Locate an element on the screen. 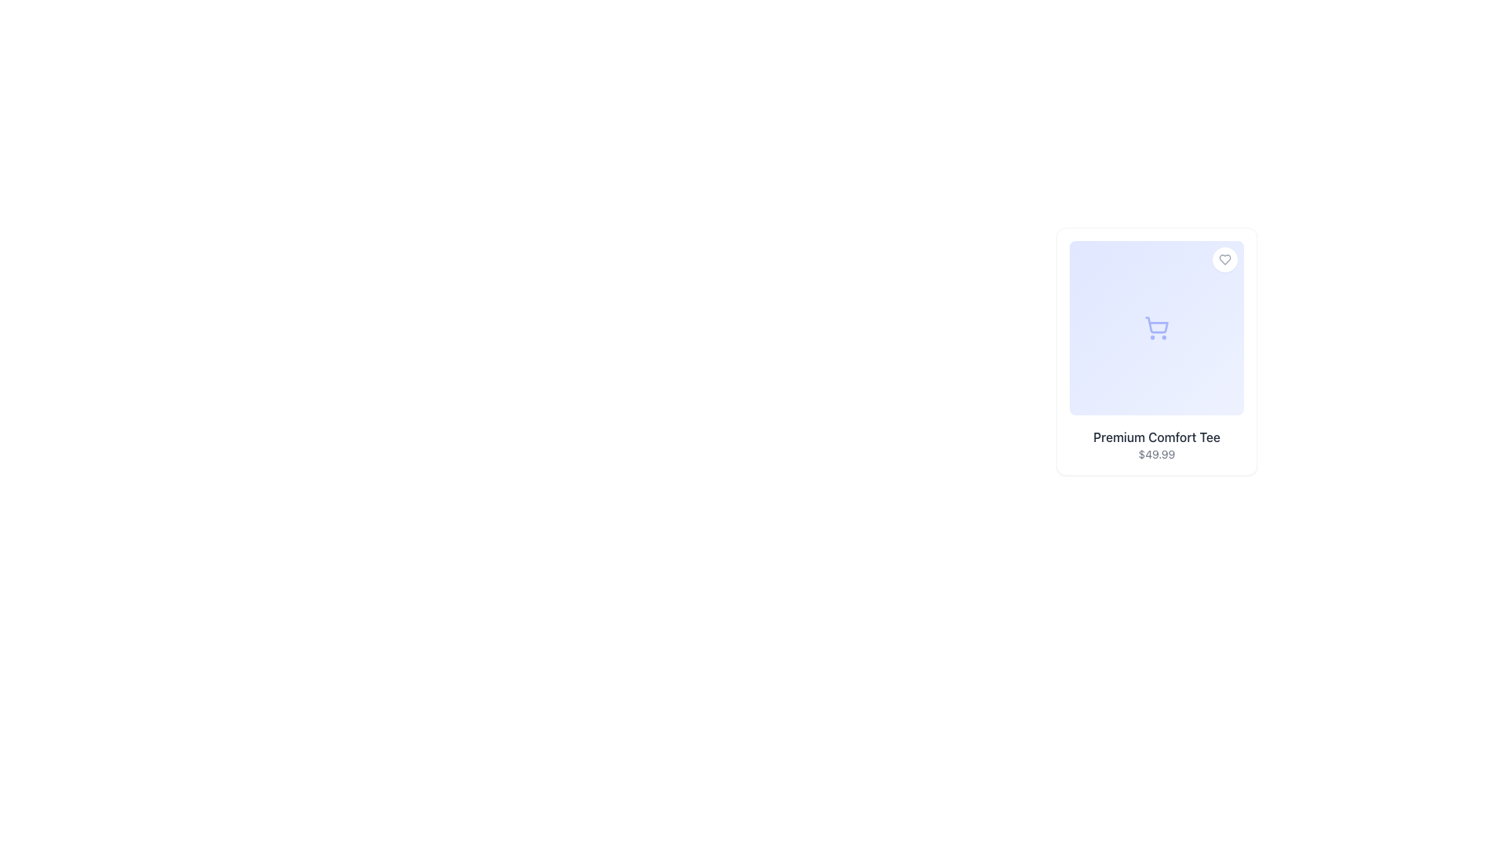 Image resolution: width=1508 pixels, height=848 pixels. the heart-shaped icon outlined in gray located in the top-right corner of the product card is located at coordinates (1224, 259).